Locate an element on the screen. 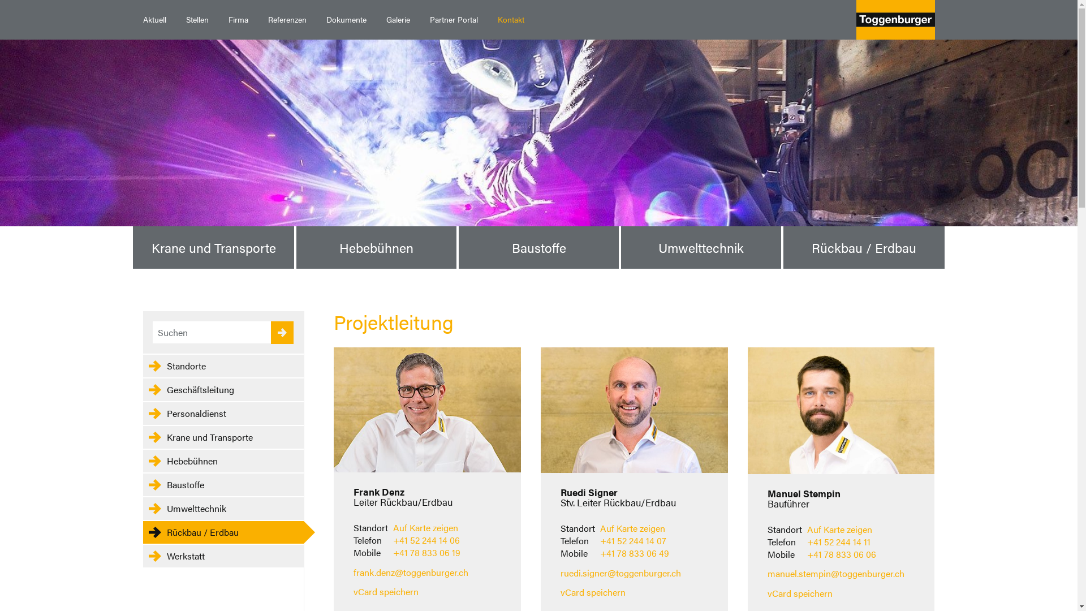 The image size is (1086, 611). 'Kontakt' is located at coordinates (510, 19).